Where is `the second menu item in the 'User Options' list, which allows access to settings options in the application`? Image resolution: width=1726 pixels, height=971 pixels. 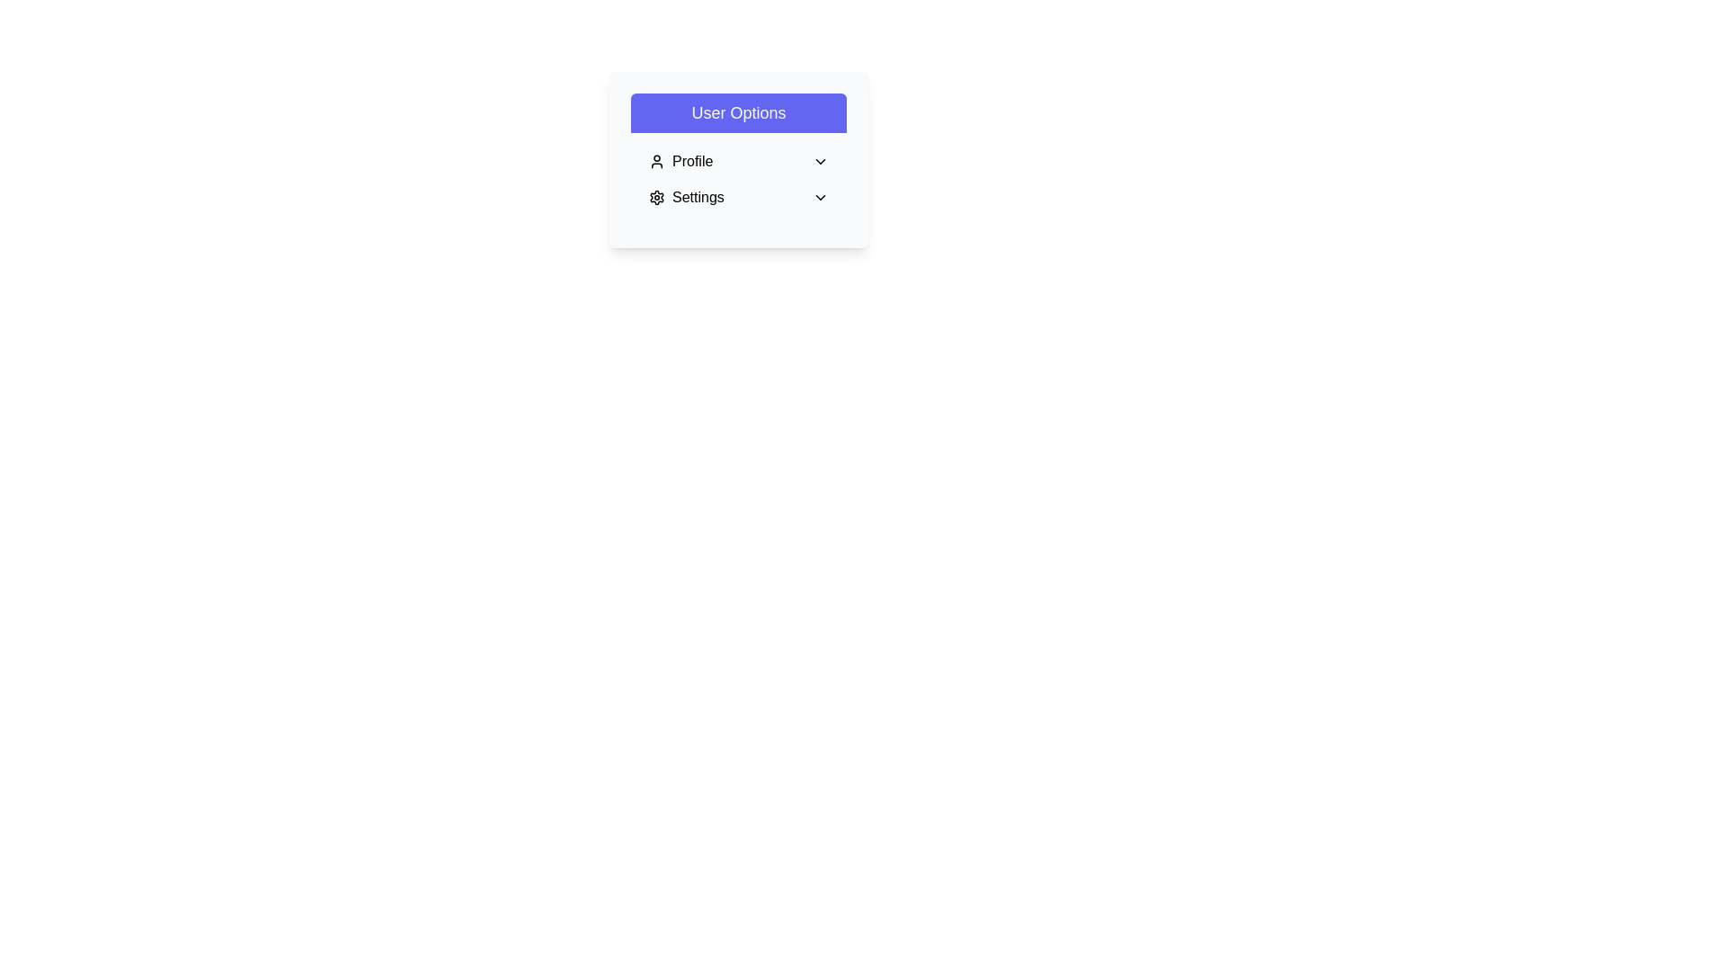 the second menu item in the 'User Options' list, which allows access to settings options in the application is located at coordinates (685, 197).